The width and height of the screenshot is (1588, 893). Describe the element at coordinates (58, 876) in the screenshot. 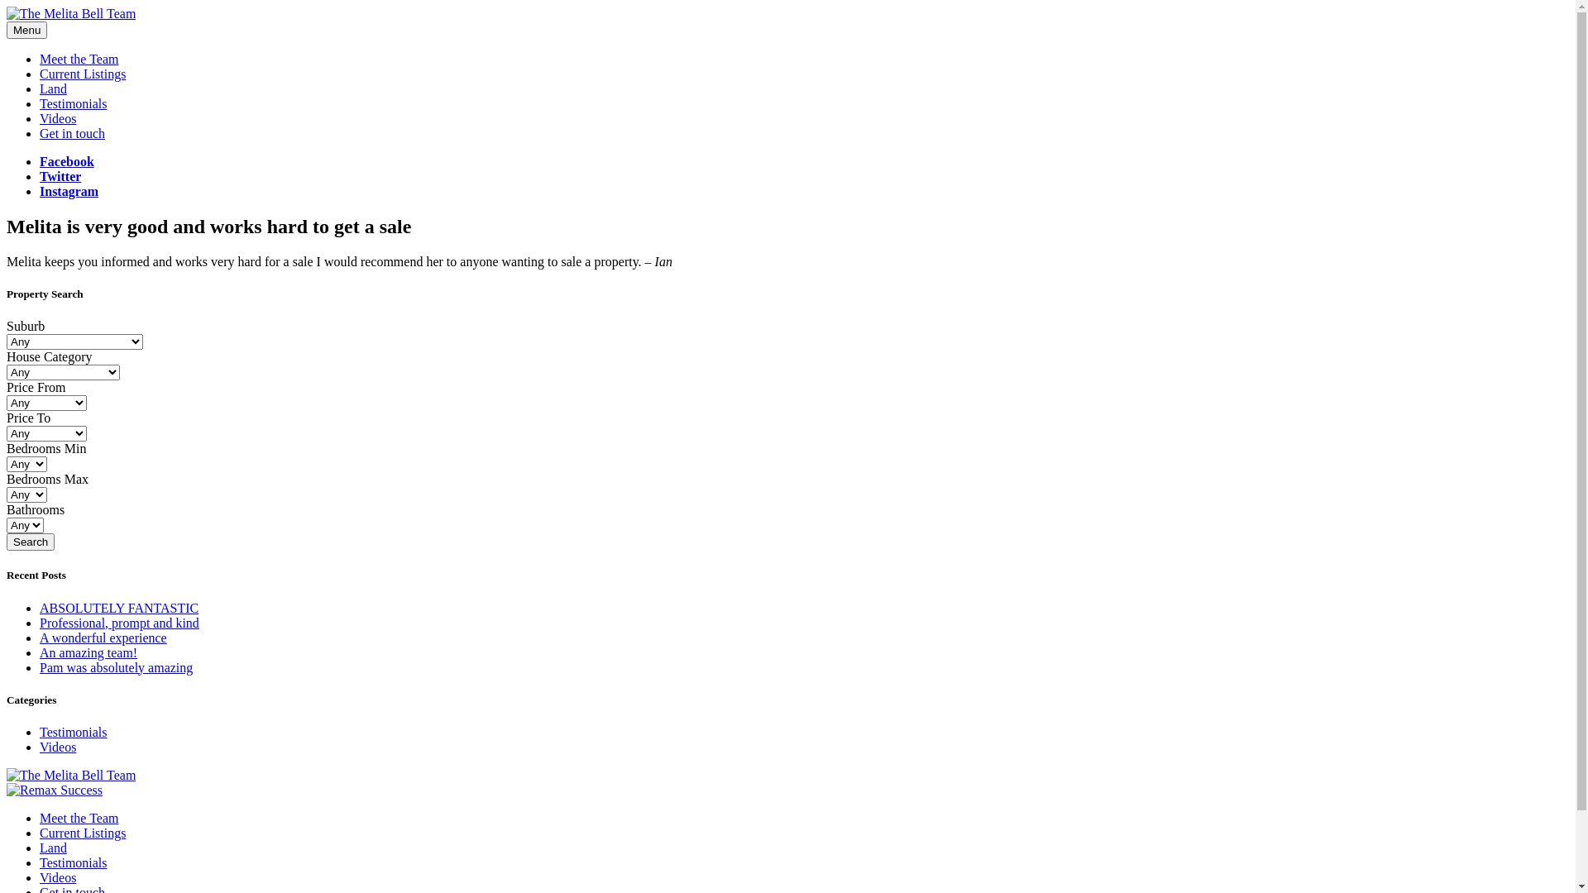

I see `'Videos'` at that location.